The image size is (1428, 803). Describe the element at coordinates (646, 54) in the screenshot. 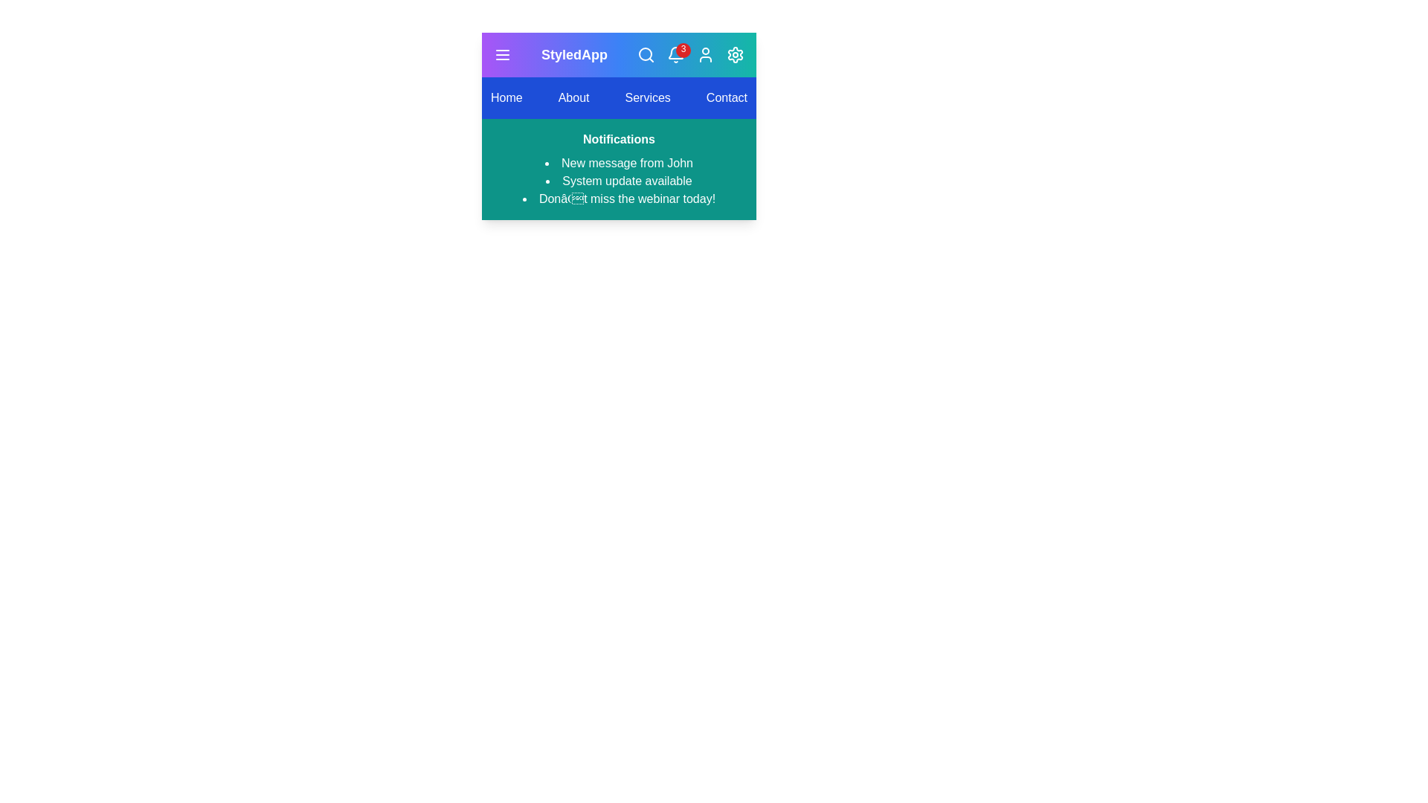

I see `the magnifying glass icon located on the navigation bar` at that location.